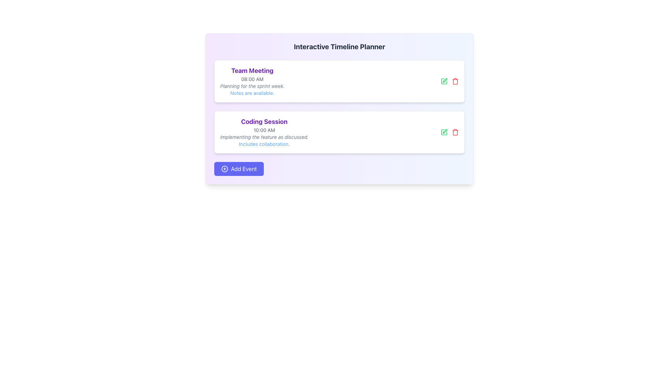 This screenshot has height=377, width=670. What do you see at coordinates (450, 81) in the screenshot?
I see `the control panel icon group in the top-right corner of the 'Team Meeting' event card in the 'Interactive Timeline Planner' interface` at bounding box center [450, 81].